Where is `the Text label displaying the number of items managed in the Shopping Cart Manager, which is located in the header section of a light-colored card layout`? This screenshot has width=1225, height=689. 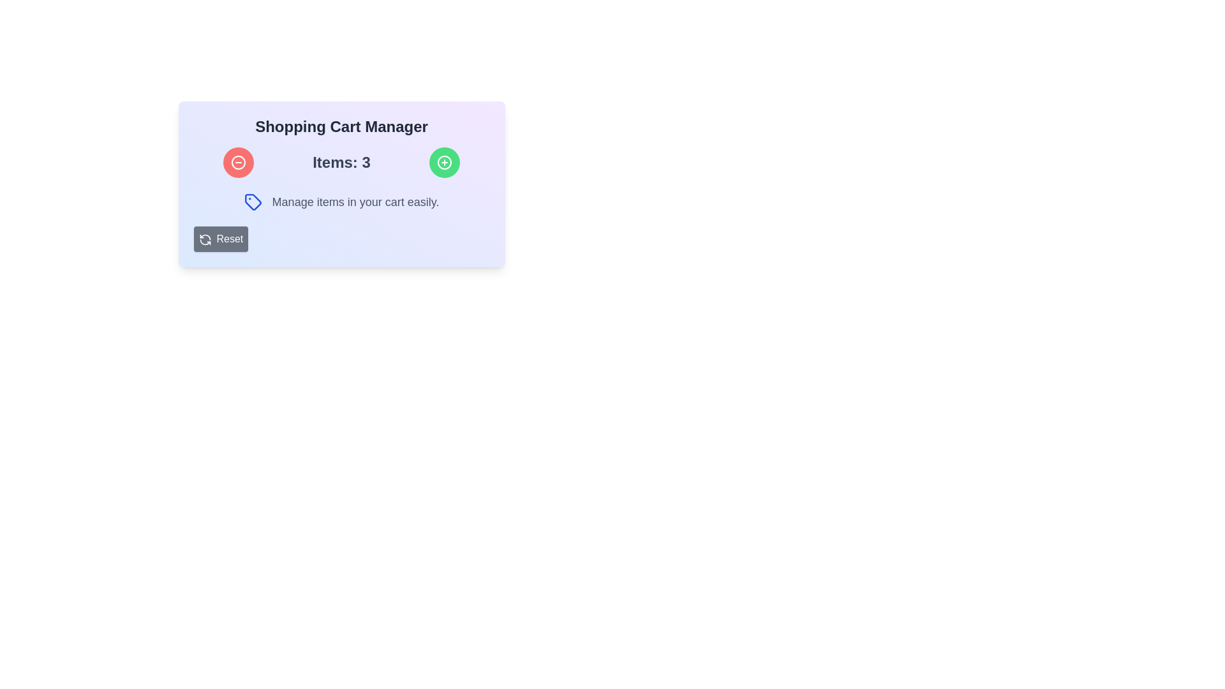
the Text label displaying the number of items managed in the Shopping Cart Manager, which is located in the header section of a light-colored card layout is located at coordinates (341, 161).